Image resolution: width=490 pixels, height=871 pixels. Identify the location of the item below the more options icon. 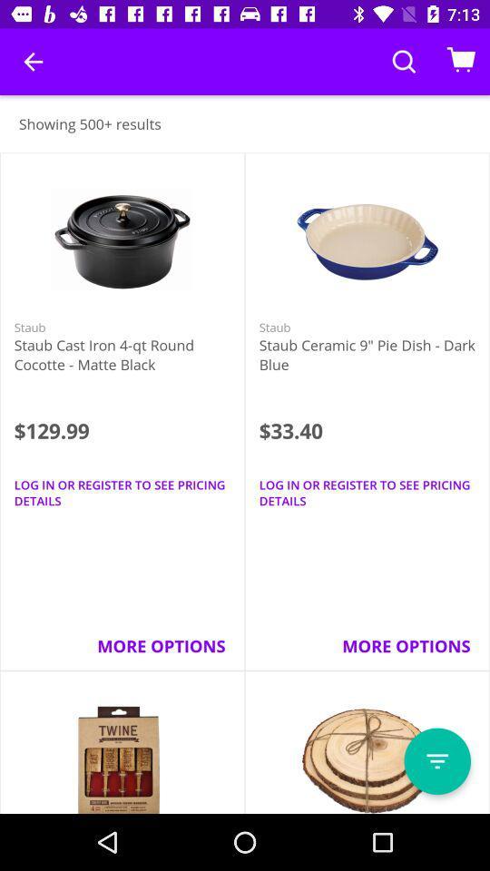
(436, 761).